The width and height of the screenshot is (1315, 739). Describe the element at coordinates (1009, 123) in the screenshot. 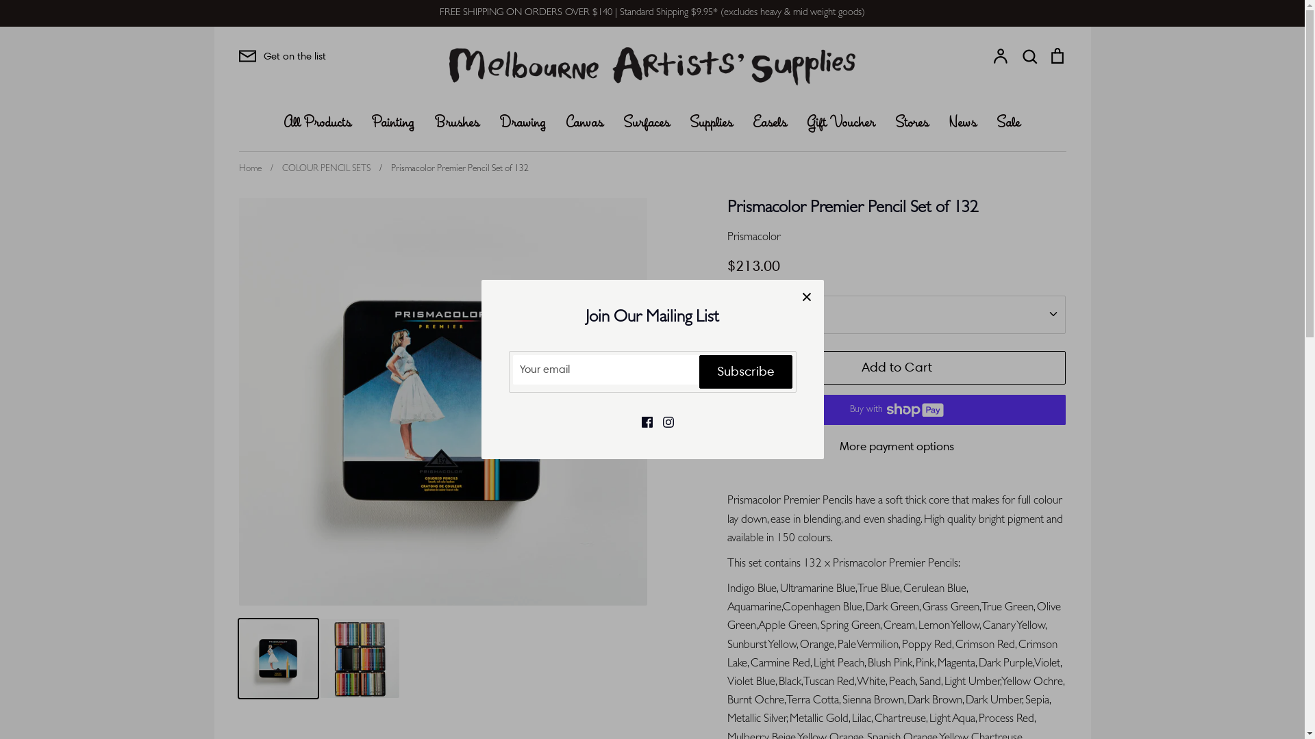

I see `'Sale'` at that location.